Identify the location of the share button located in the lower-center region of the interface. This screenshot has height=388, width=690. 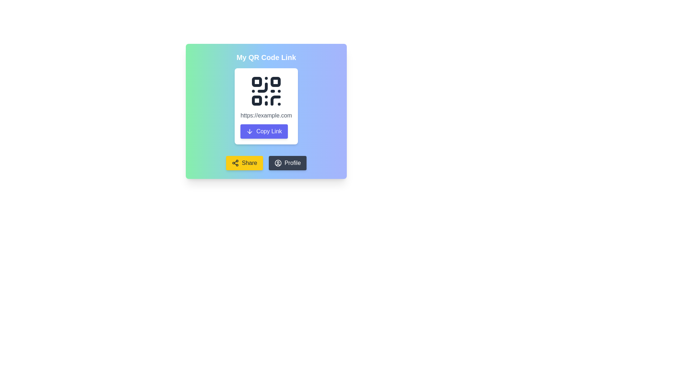
(244, 163).